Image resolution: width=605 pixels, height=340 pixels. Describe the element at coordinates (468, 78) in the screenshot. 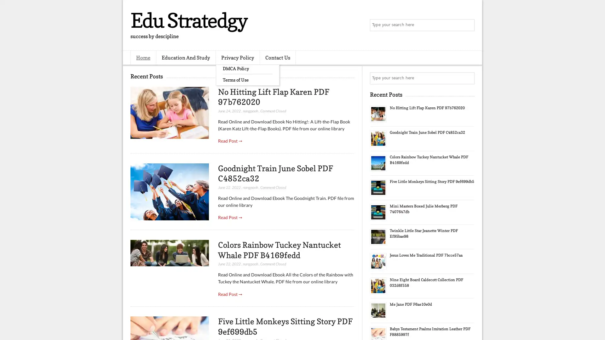

I see `Search` at that location.